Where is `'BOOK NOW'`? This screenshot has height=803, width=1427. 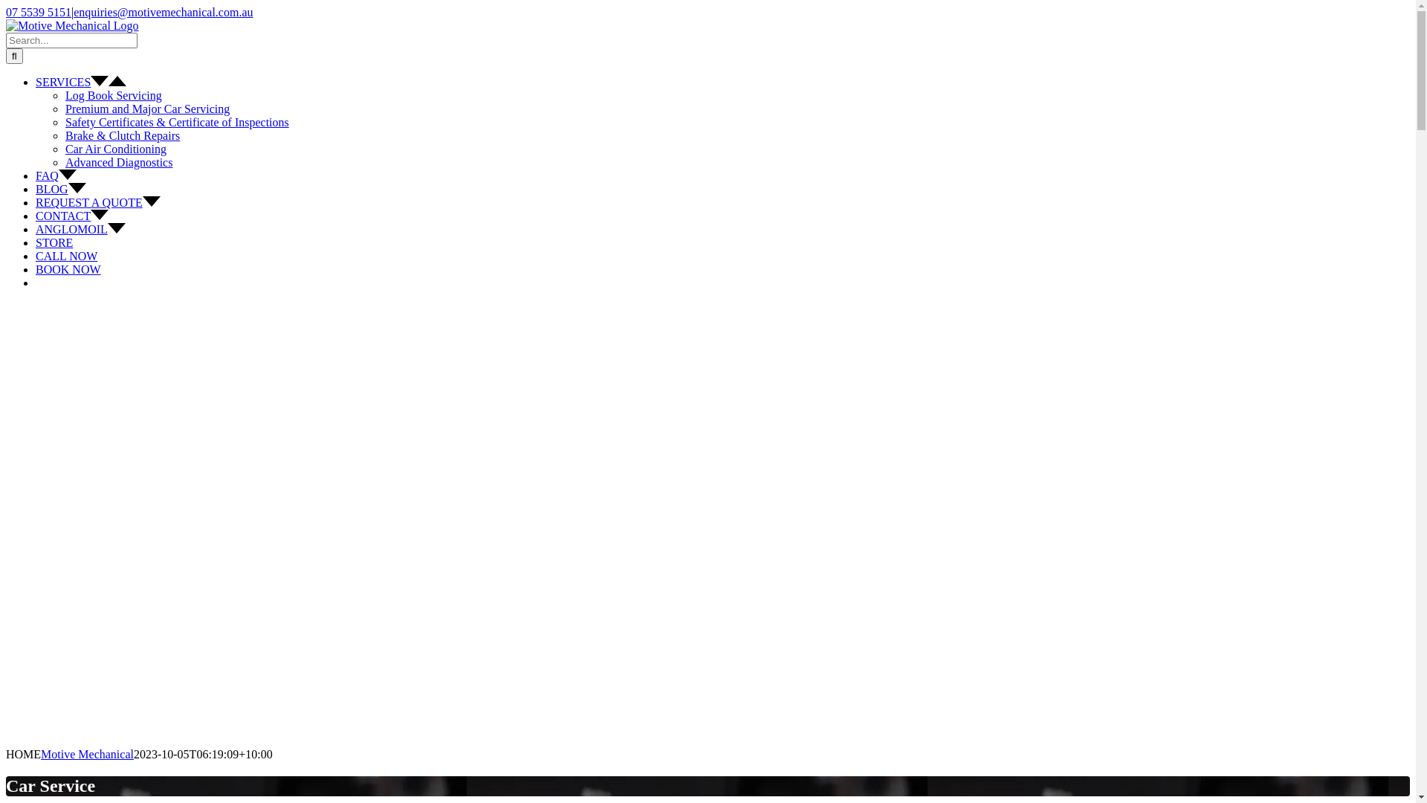 'BOOK NOW' is located at coordinates (67, 269).